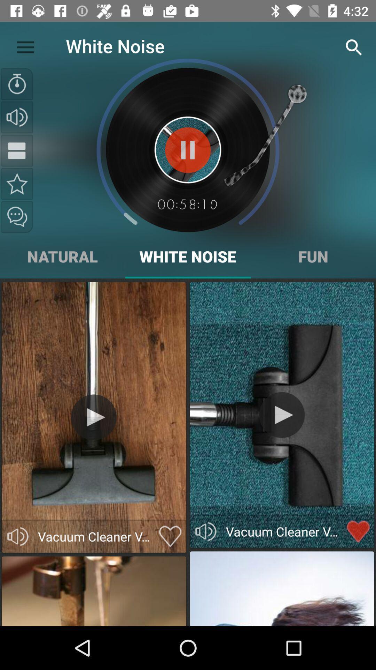  What do you see at coordinates (17, 217) in the screenshot?
I see `the chat icon` at bounding box center [17, 217].